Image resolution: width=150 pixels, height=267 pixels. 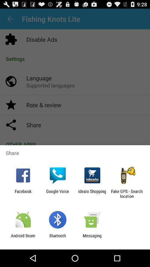 I want to click on the item to the right of the google voice app, so click(x=92, y=194).